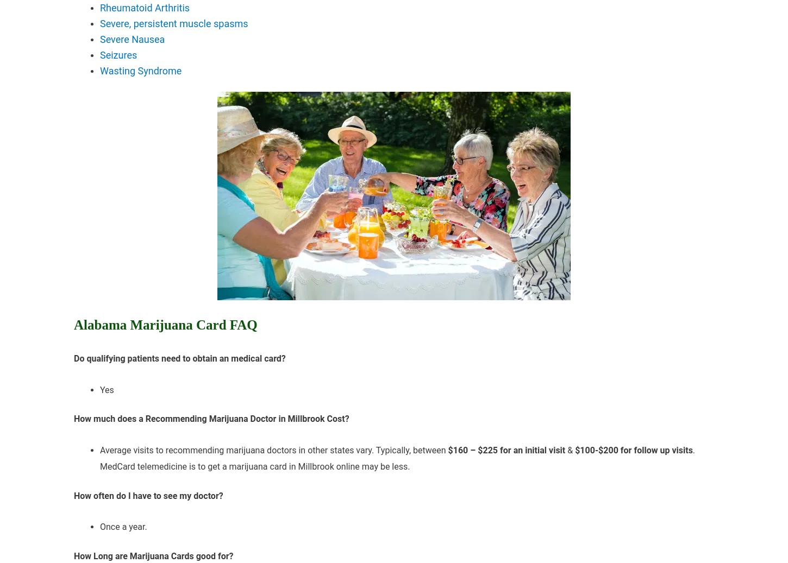  I want to click on 'How Long are Marijuana Cards good for?', so click(153, 555).